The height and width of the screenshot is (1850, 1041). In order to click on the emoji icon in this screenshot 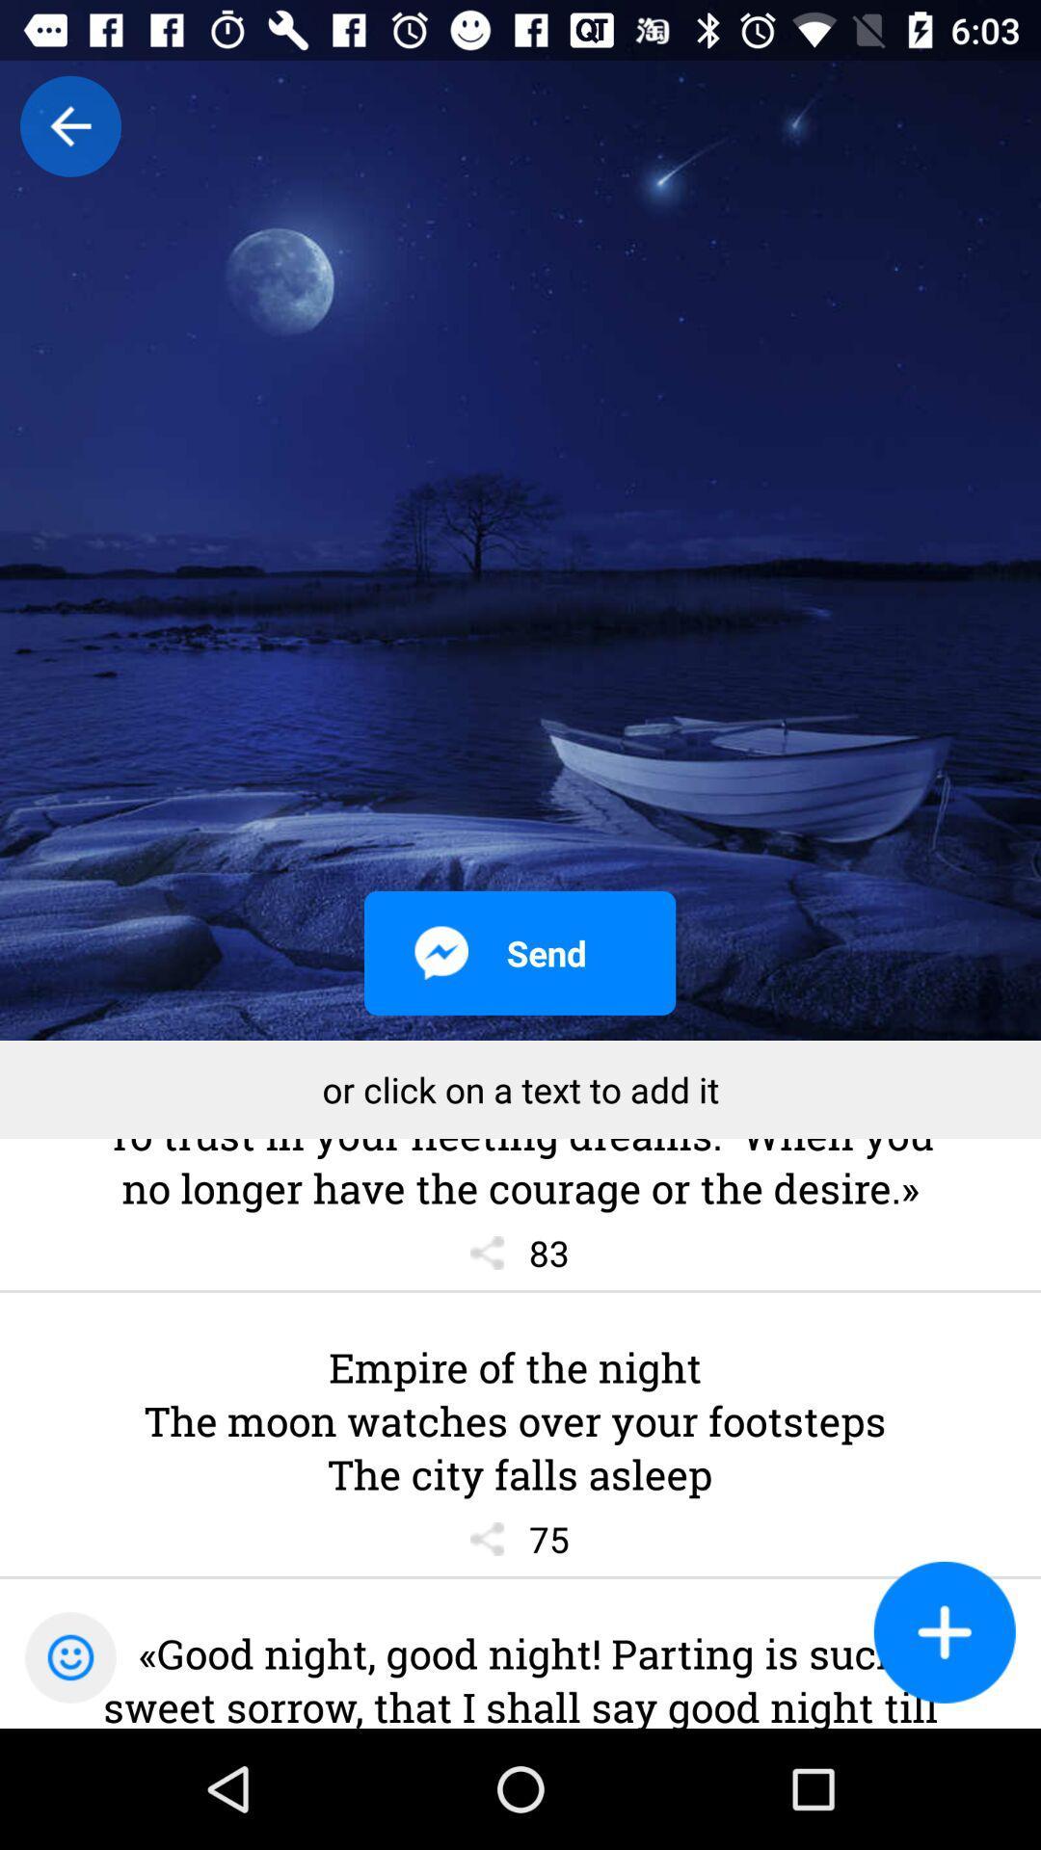, I will do `click(69, 1656)`.